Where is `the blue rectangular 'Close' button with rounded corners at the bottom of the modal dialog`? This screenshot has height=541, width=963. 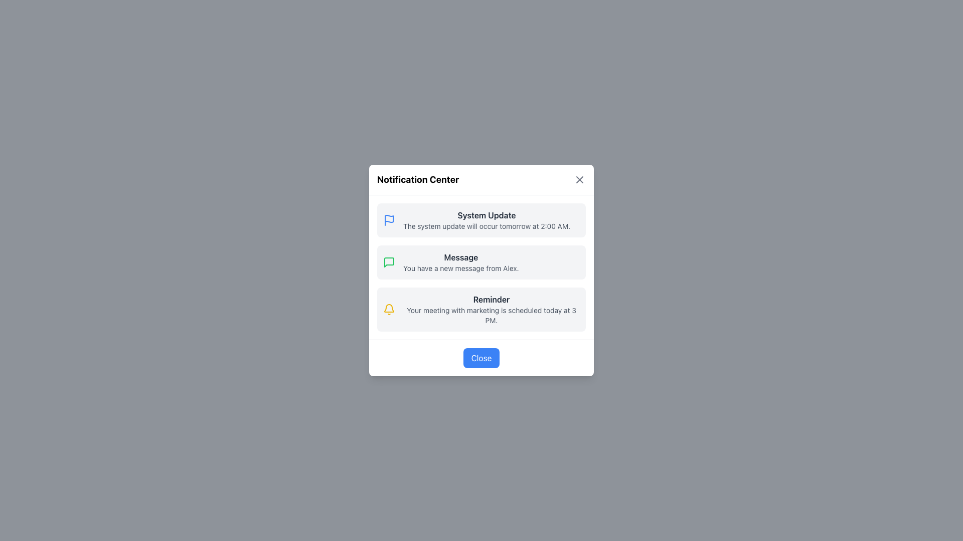 the blue rectangular 'Close' button with rounded corners at the bottom of the modal dialog is located at coordinates (481, 357).